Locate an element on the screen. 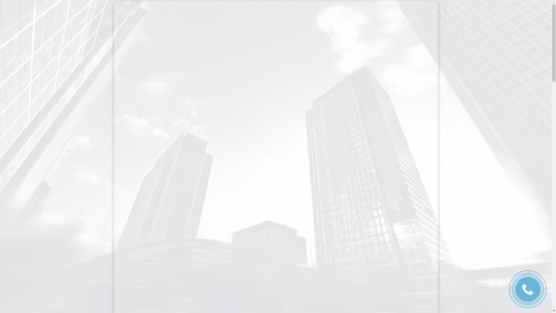  'Skip to content' is located at coordinates (0, 1).